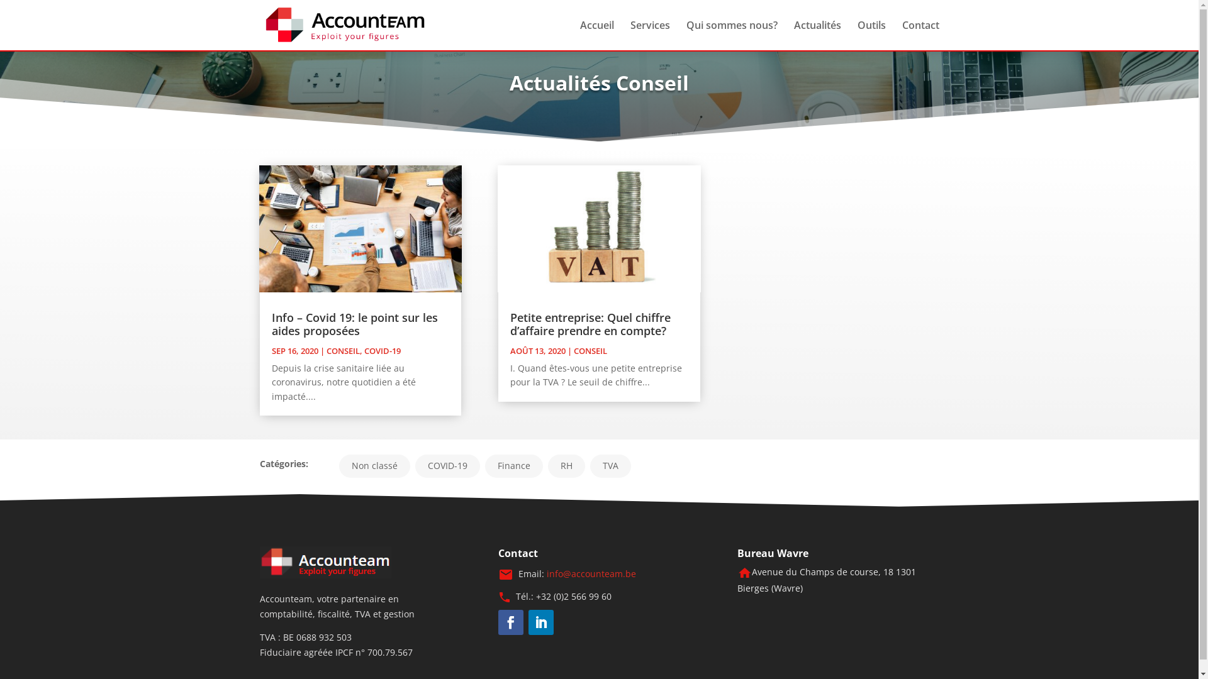 This screenshot has height=679, width=1208. I want to click on 'TVA', so click(610, 466).